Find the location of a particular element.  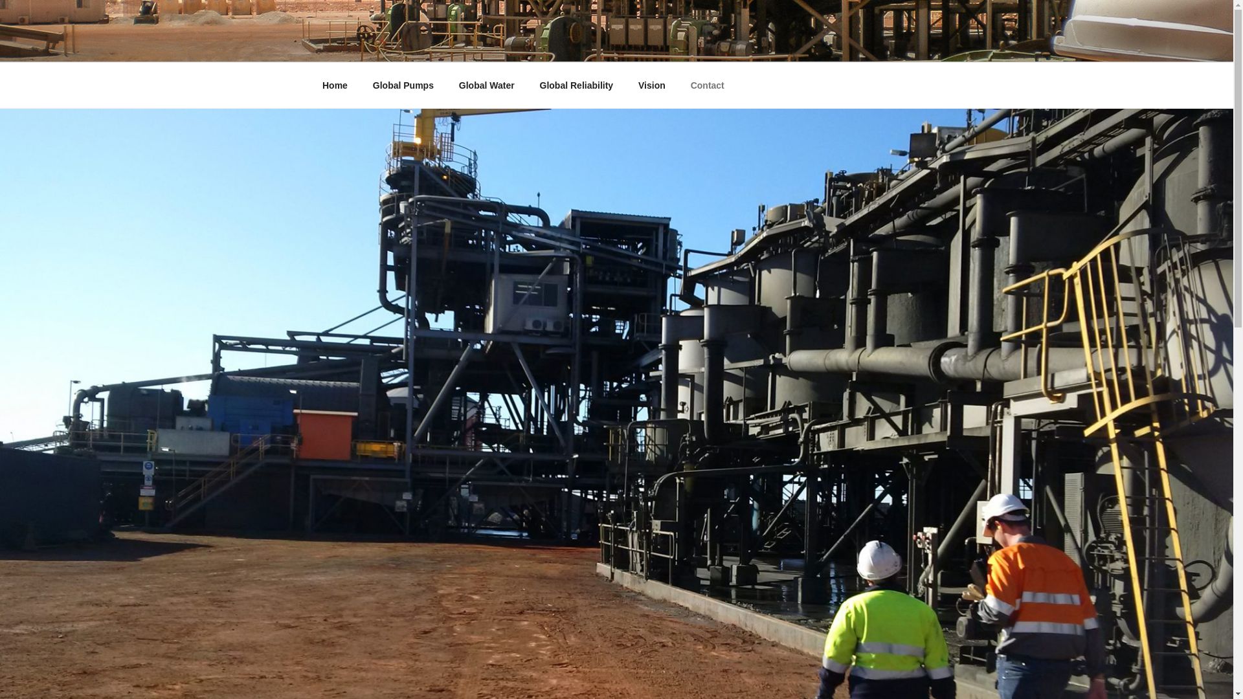

'Global Pumps' is located at coordinates (402, 85).